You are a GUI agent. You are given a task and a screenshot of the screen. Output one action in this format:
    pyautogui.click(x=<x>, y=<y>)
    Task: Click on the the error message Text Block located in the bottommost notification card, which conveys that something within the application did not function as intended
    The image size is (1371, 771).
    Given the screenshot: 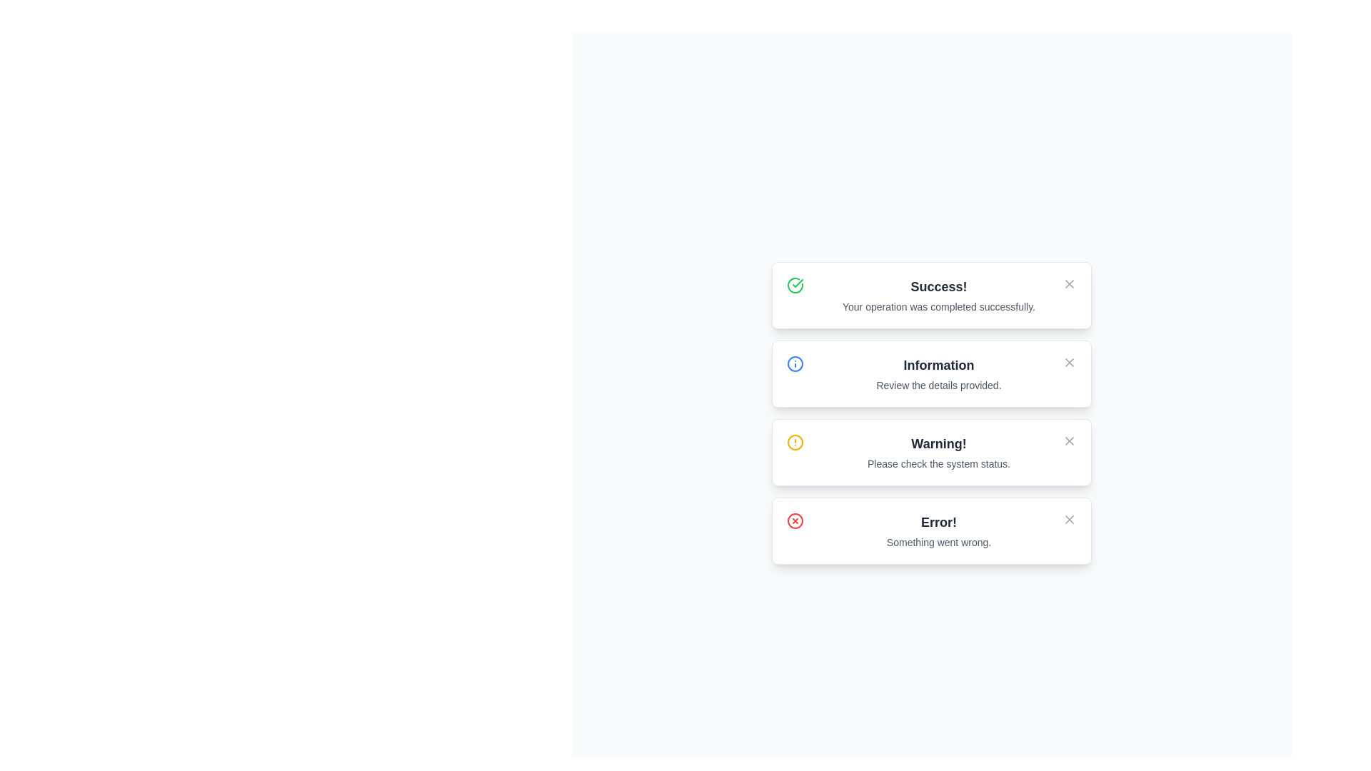 What is the action you would take?
    pyautogui.click(x=939, y=531)
    